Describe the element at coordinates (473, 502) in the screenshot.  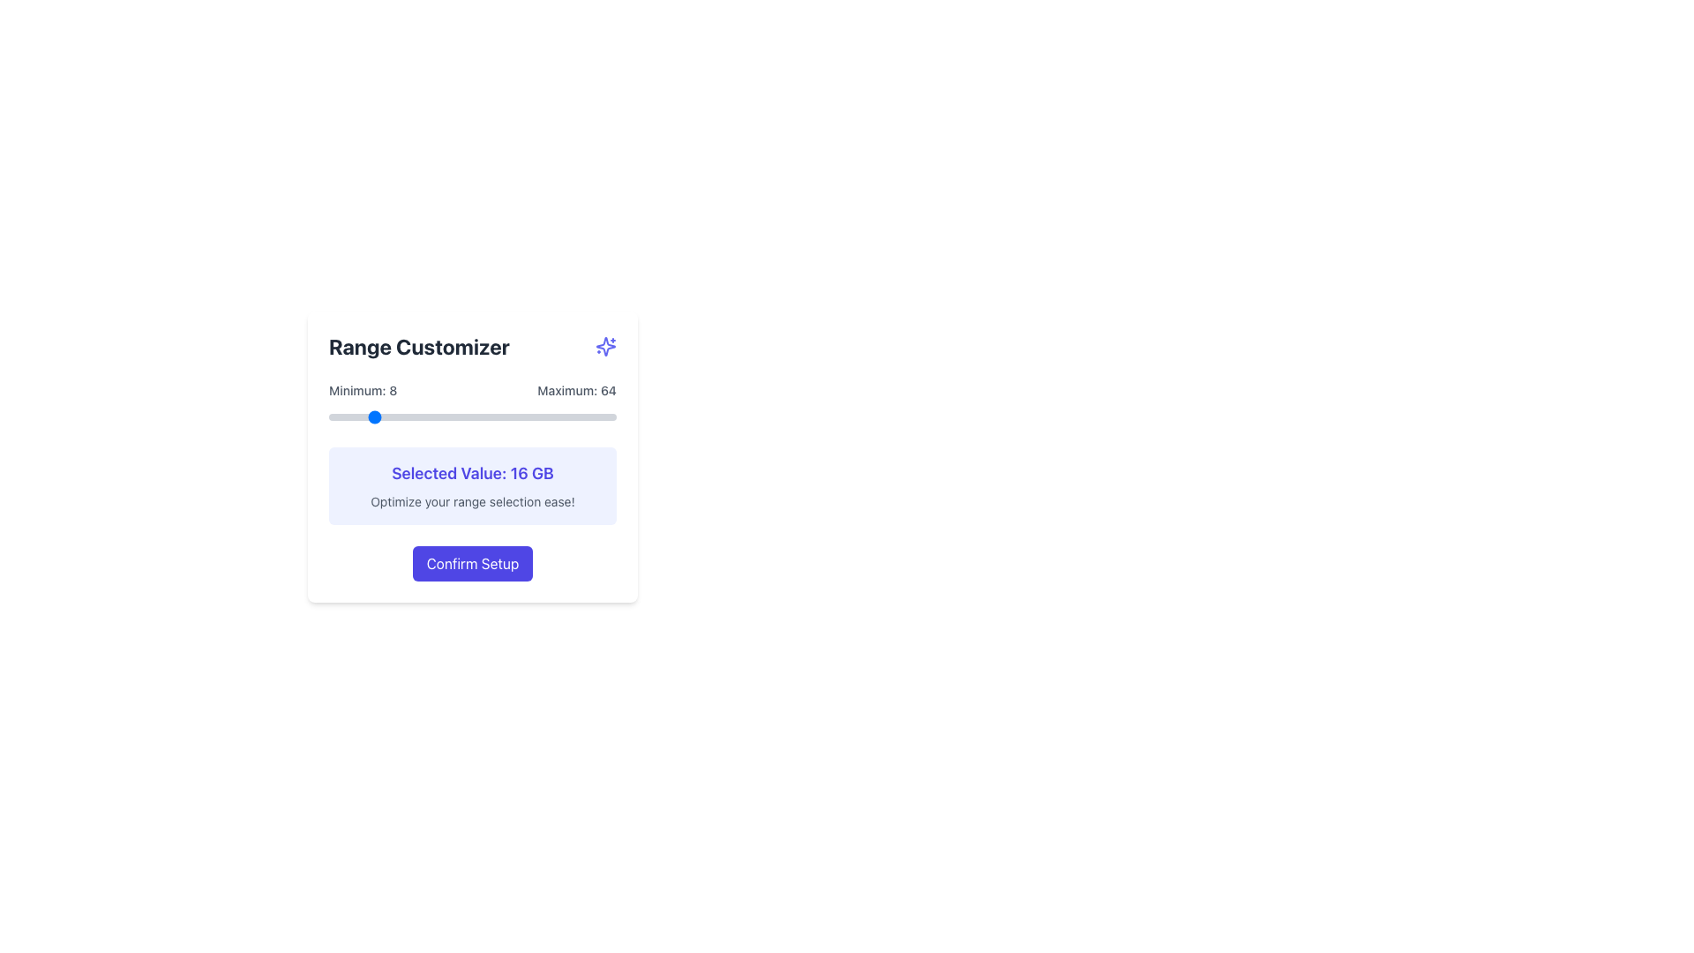
I see `the text element displaying 'Optimize your range selection ease!' which is a small, gray font located centrally below the 'Selected Value: 16 GB' text in a light indigo background` at that location.